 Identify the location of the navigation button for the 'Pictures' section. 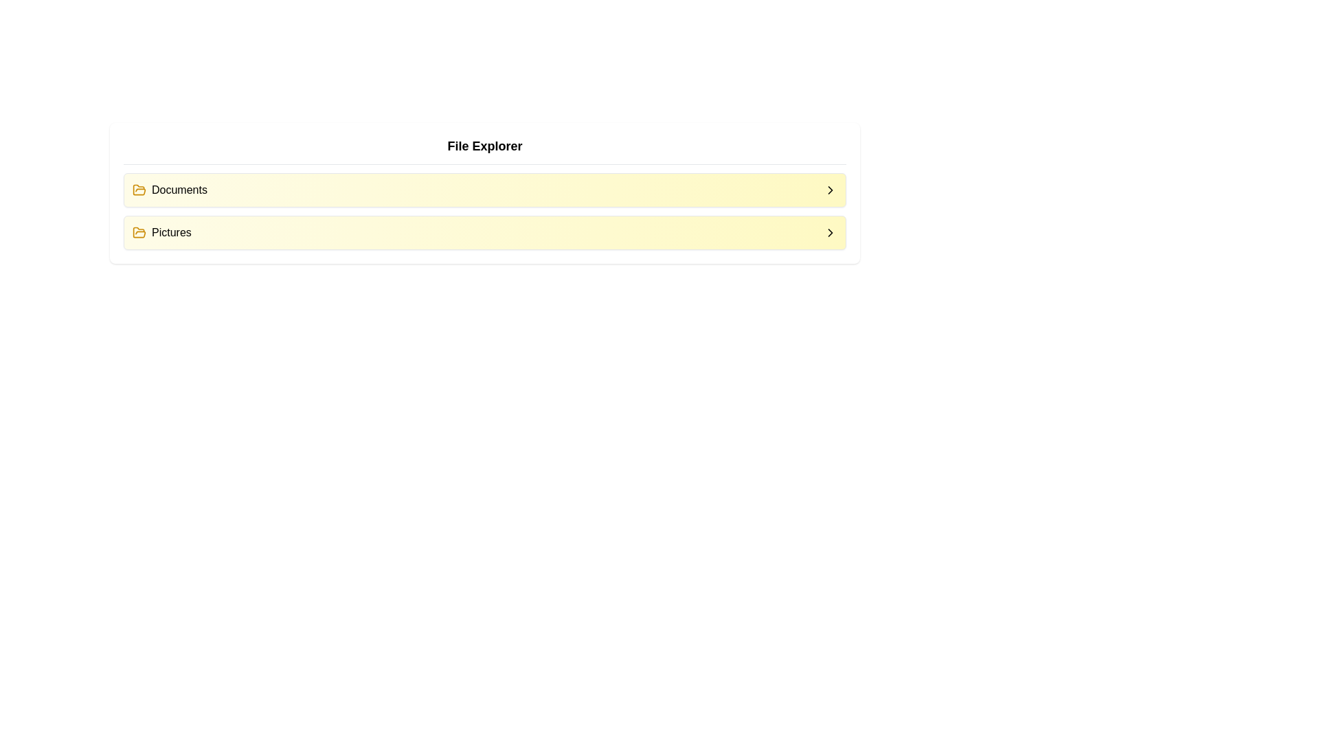
(830, 232).